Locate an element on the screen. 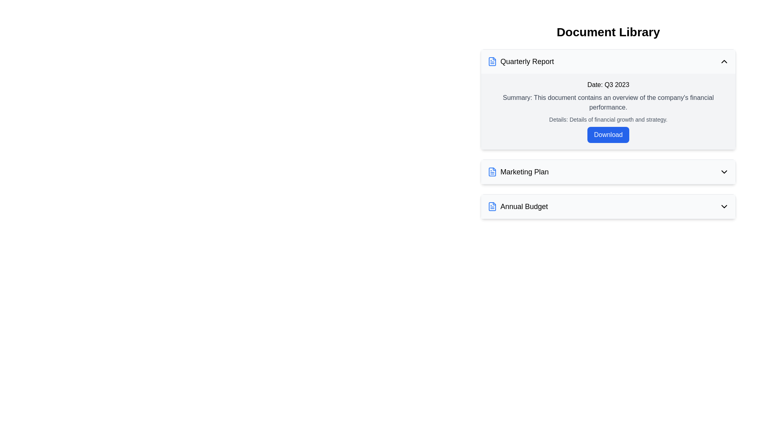  the CollapsibleCardHeader for the 'Annual Budget' is located at coordinates (608, 206).